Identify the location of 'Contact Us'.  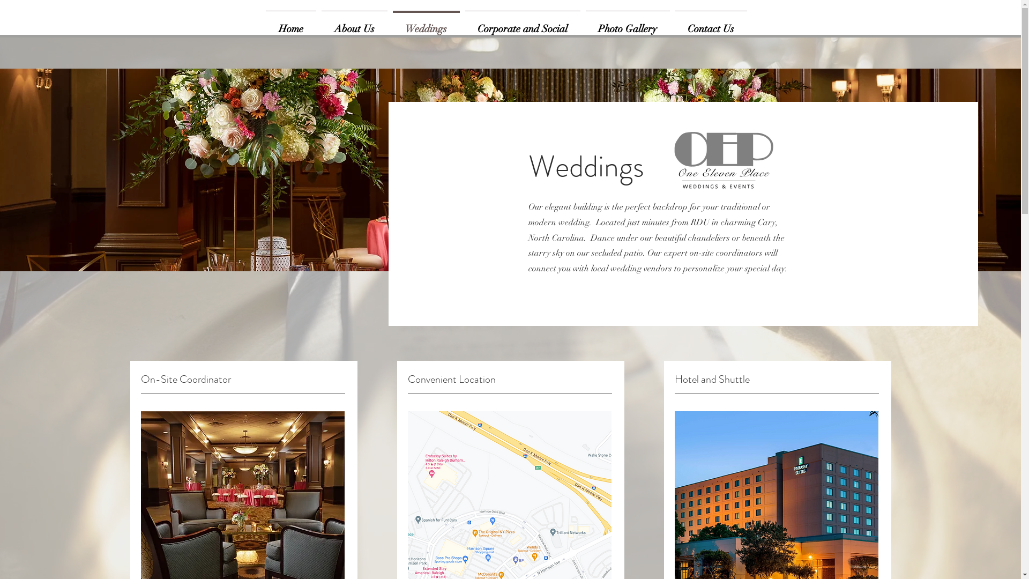
(671, 24).